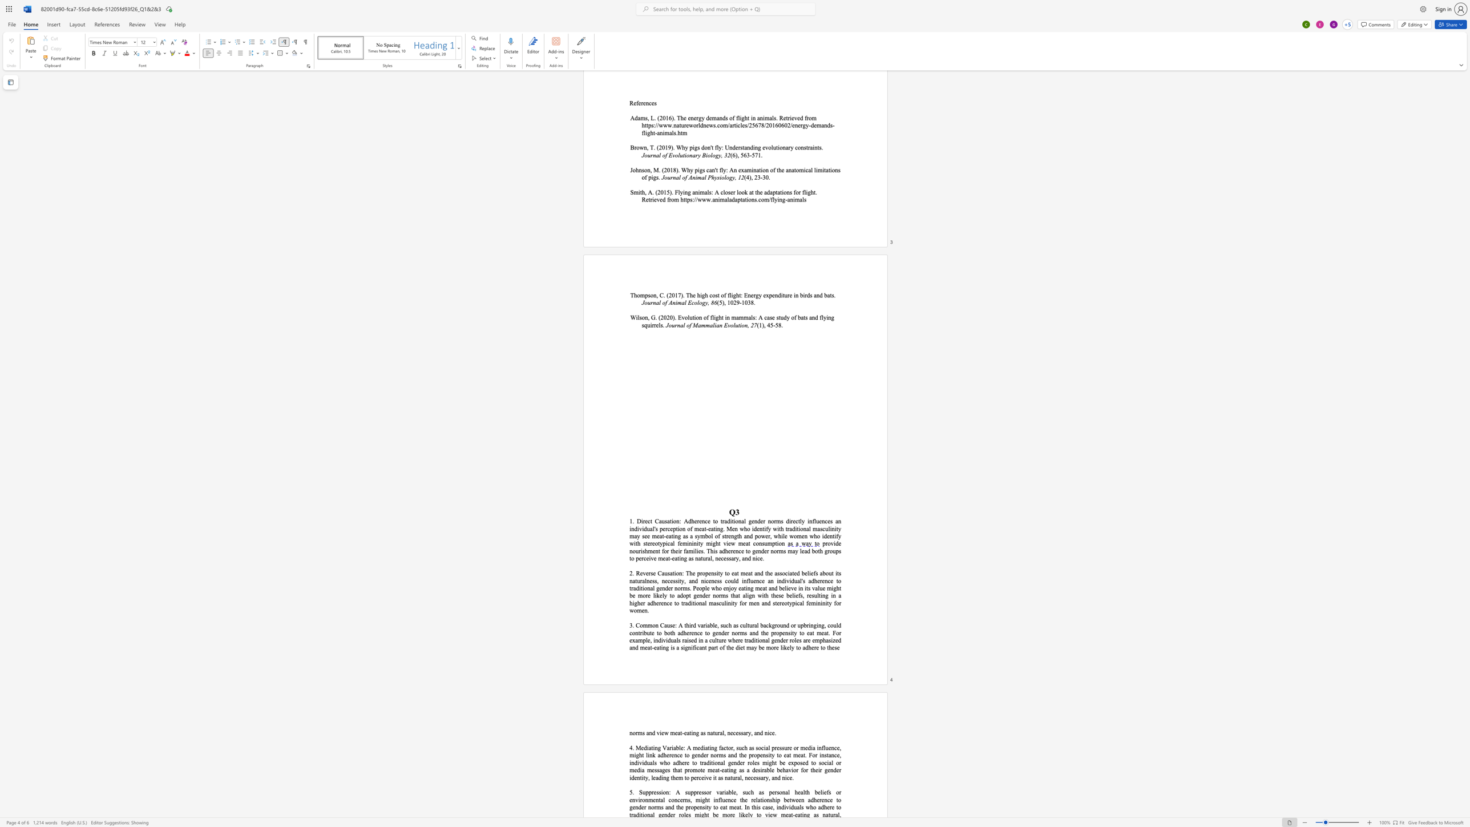 The height and width of the screenshot is (827, 1470). Describe the element at coordinates (781, 521) in the screenshot. I see `the 2th character "s" in the text` at that location.